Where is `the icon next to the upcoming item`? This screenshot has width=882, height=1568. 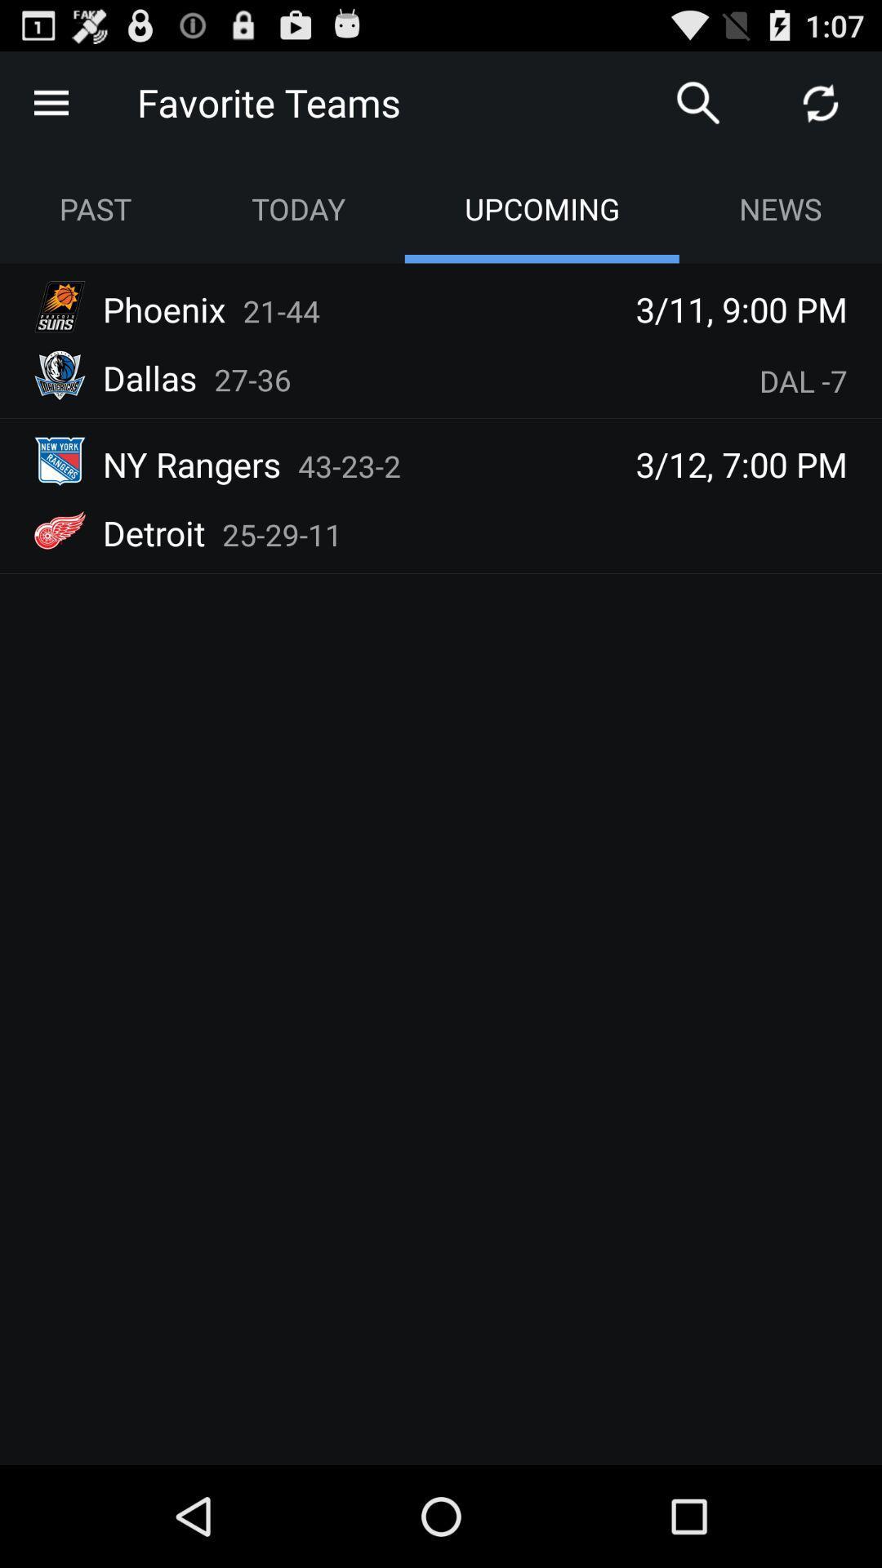
the icon next to the upcoming item is located at coordinates (779, 207).